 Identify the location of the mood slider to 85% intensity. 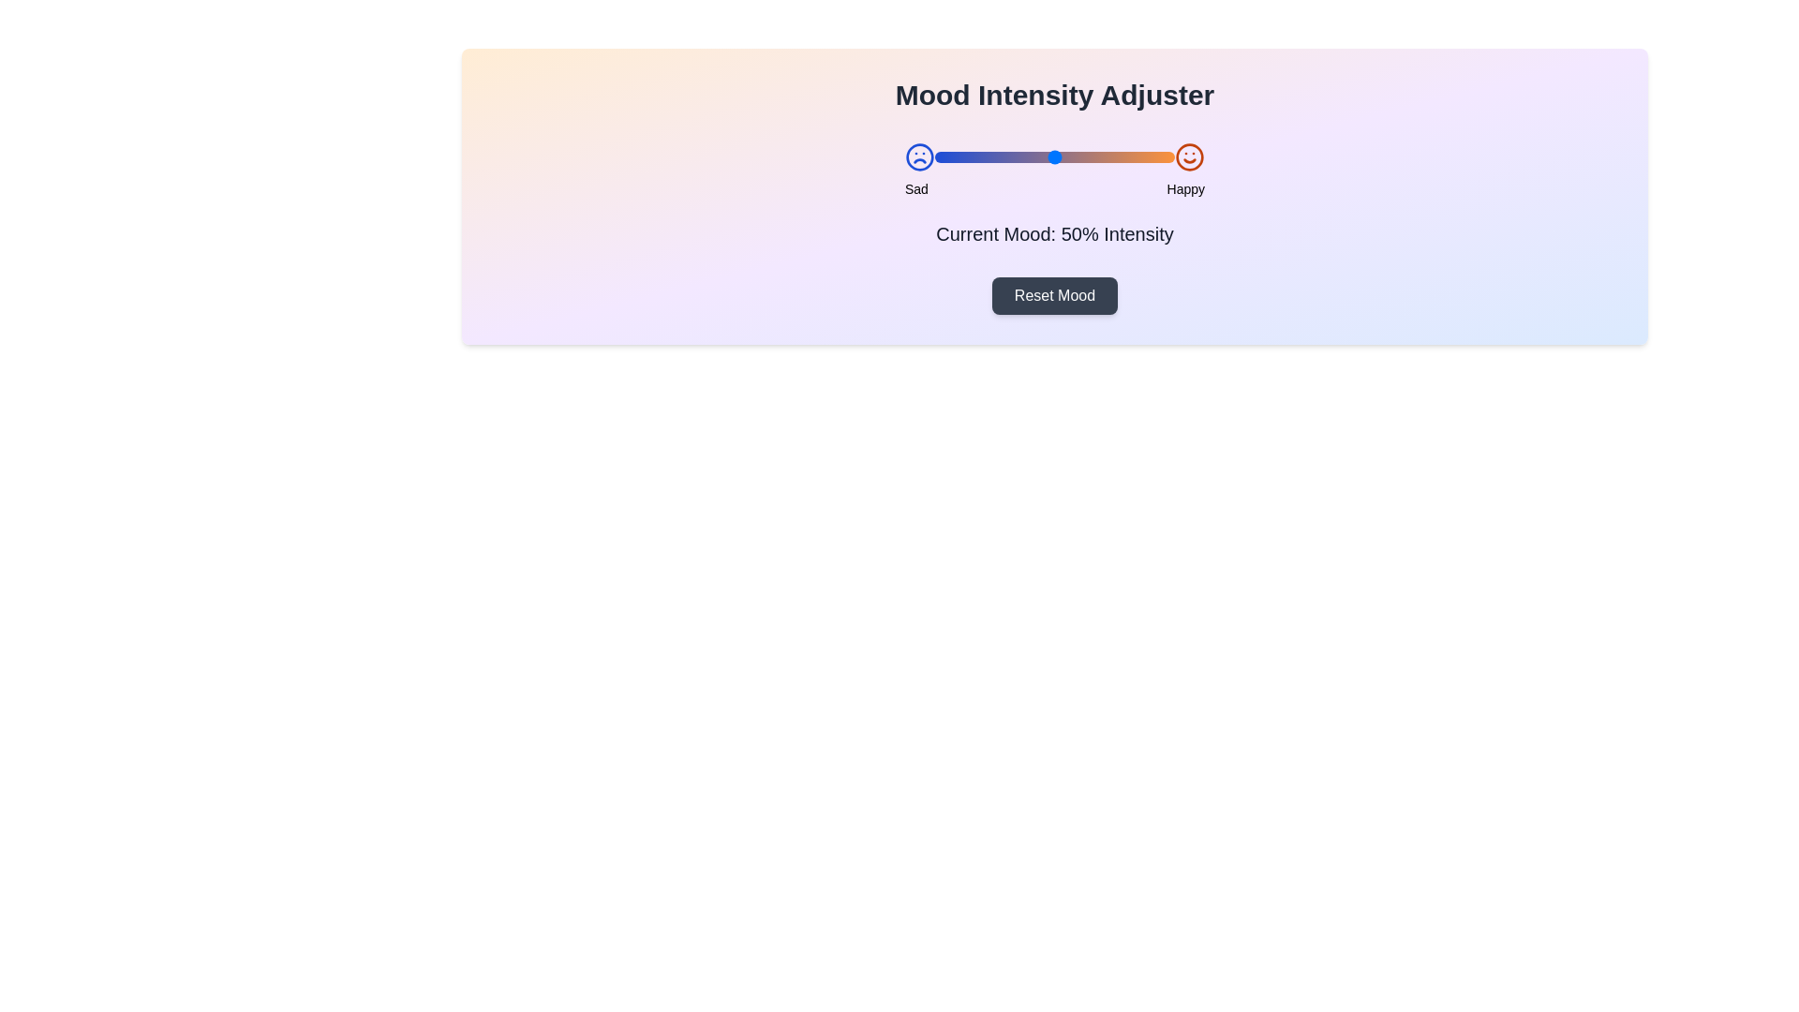
(1137, 156).